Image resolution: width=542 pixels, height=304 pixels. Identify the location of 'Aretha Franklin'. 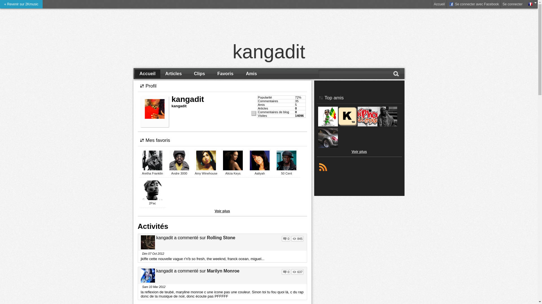
(152, 173).